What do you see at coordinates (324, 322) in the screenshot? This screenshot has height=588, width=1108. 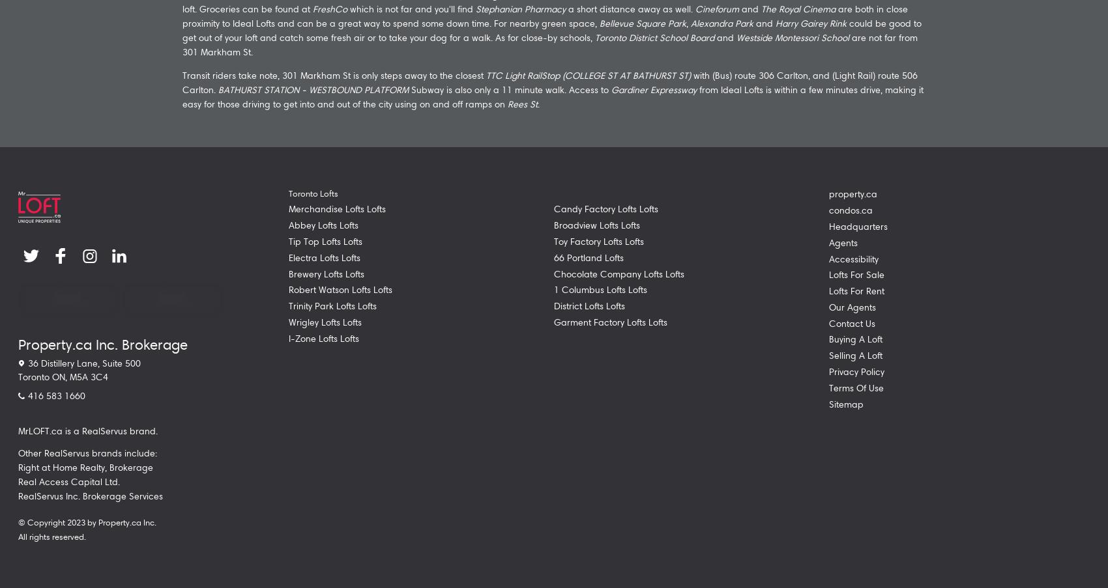 I see `'Wrigley Lofts lofts'` at bounding box center [324, 322].